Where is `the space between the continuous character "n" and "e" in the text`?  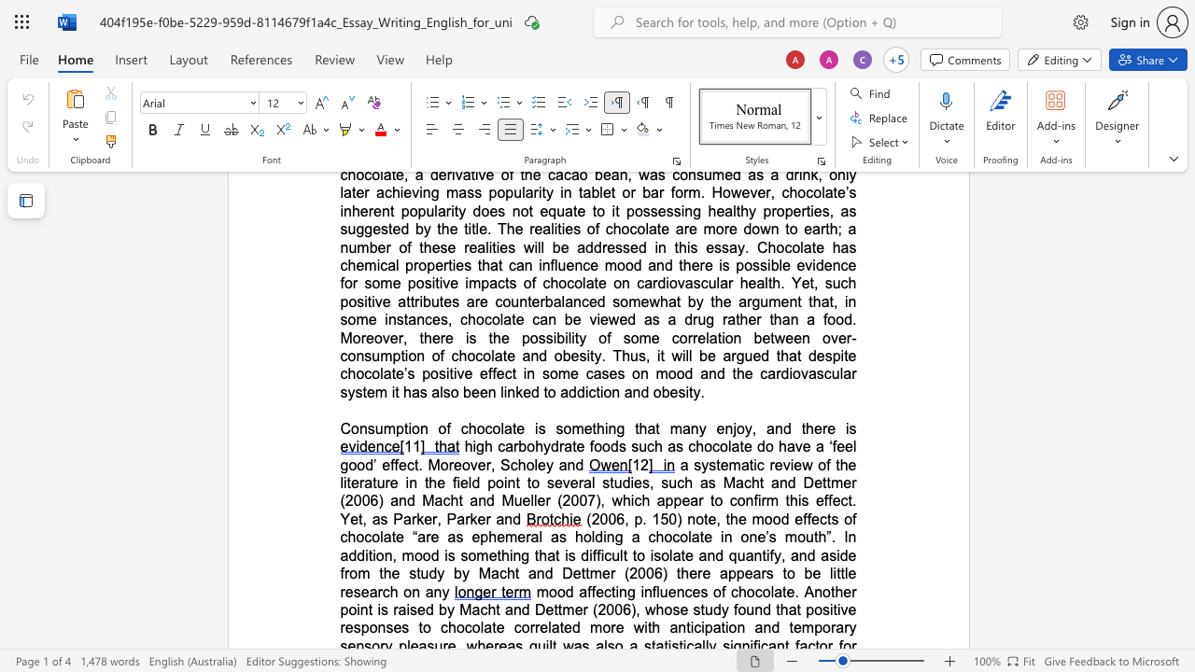 the space between the continuous character "n" and "e" in the text is located at coordinates (757, 537).